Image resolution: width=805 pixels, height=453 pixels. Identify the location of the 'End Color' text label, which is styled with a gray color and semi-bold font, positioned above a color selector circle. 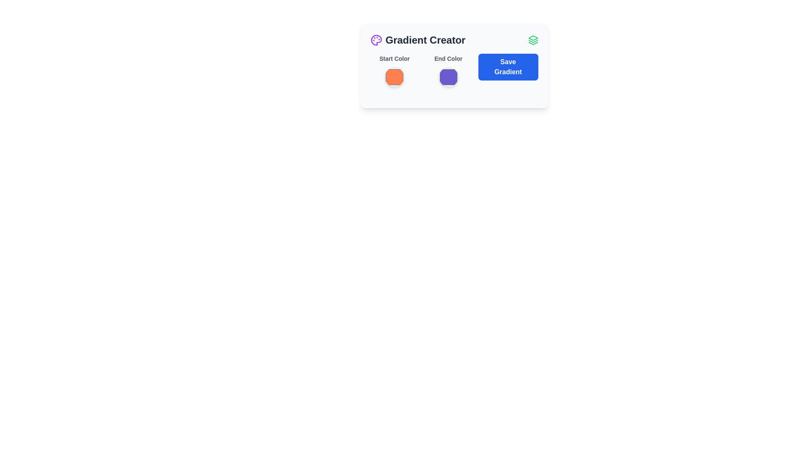
(448, 58).